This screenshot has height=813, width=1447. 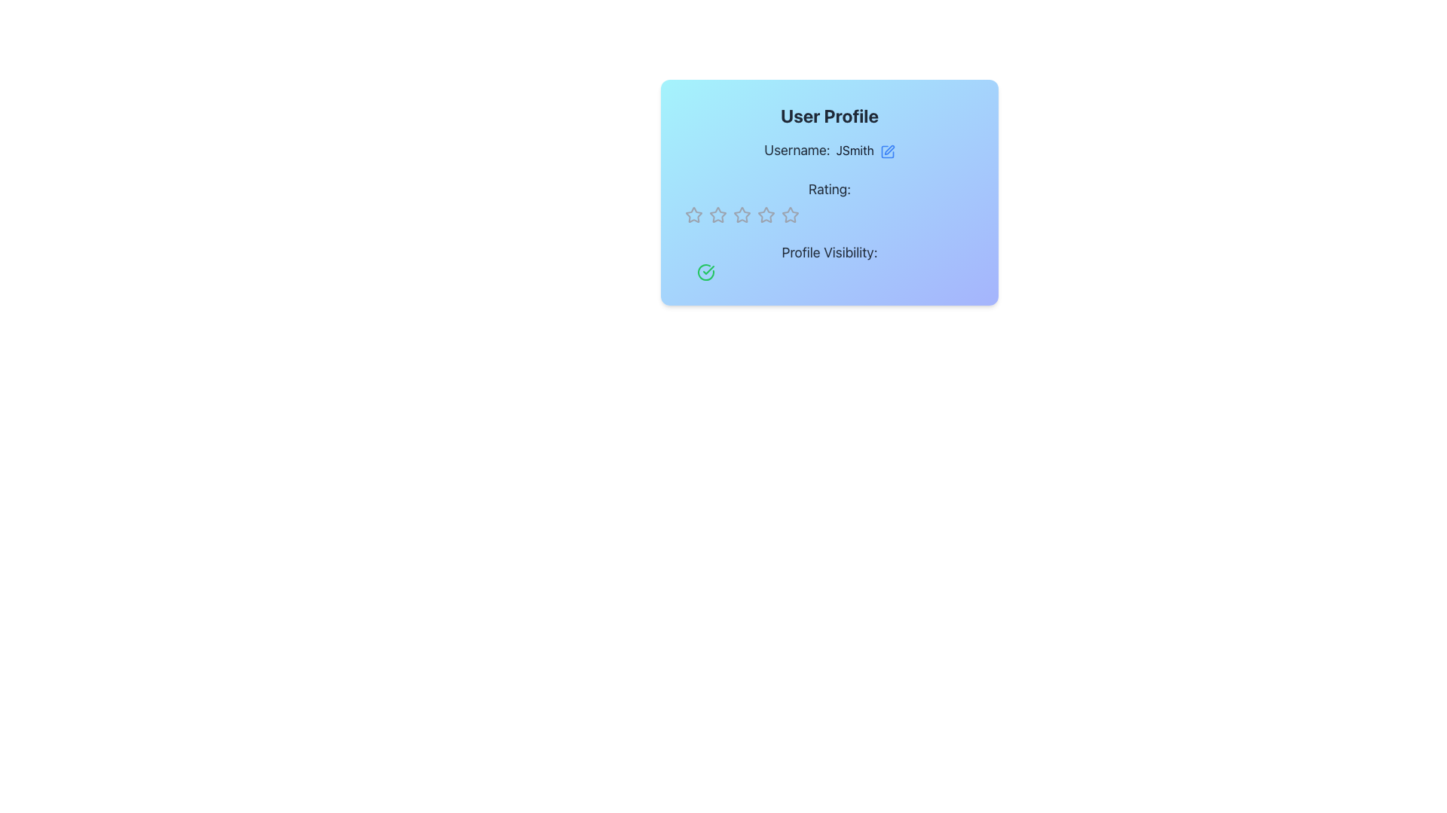 I want to click on text label 'Profile Visibility:' which is positioned below the 'Rating:' section in the user profile card interface, so click(x=828, y=260).